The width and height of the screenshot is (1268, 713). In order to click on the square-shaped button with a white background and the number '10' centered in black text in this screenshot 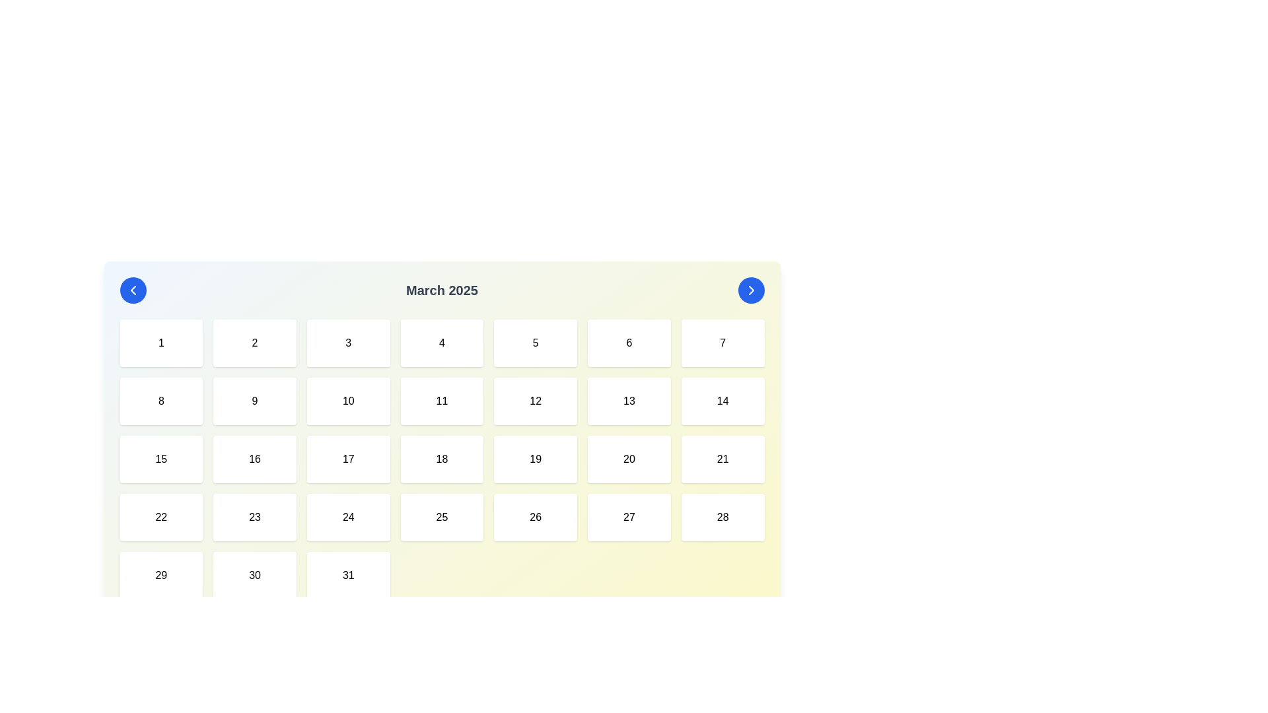, I will do `click(348, 401)`.